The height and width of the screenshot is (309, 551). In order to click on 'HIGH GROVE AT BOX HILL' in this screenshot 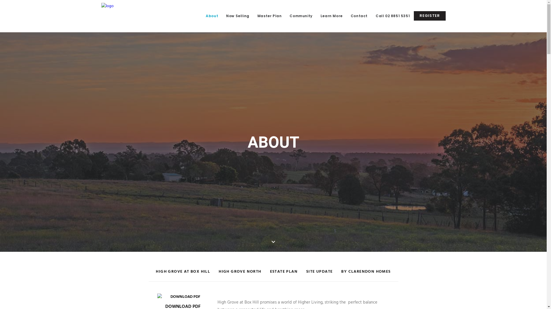, I will do `click(183, 274)`.